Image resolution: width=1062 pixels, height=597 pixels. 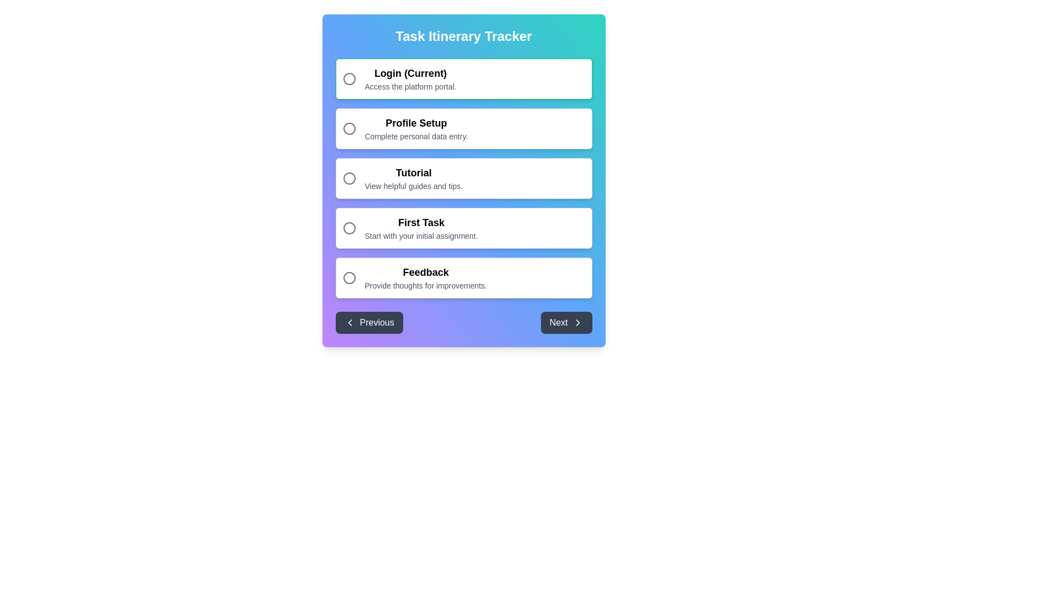 What do you see at coordinates (349, 322) in the screenshot?
I see `the icon located to the right of the text on the 'Previous' button at the bottom left of the interface` at bounding box center [349, 322].